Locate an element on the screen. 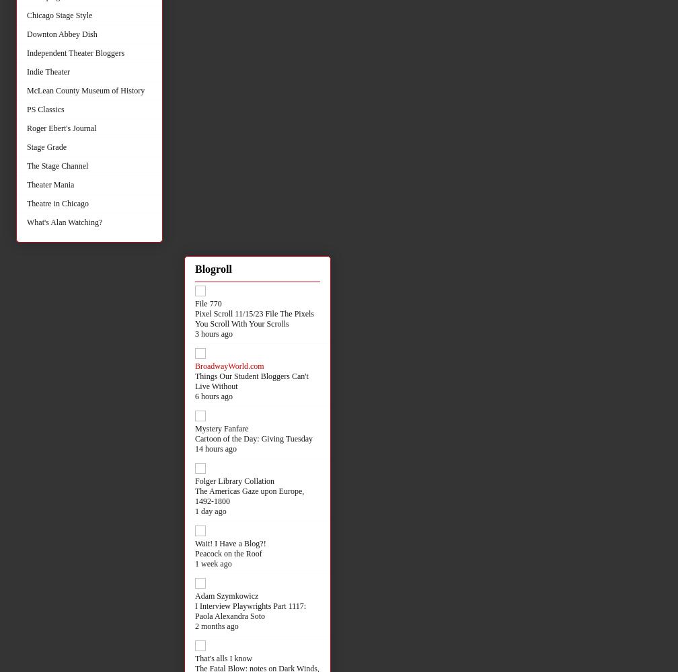 The width and height of the screenshot is (678, 672). 'The Stage Channel' is located at coordinates (57, 165).